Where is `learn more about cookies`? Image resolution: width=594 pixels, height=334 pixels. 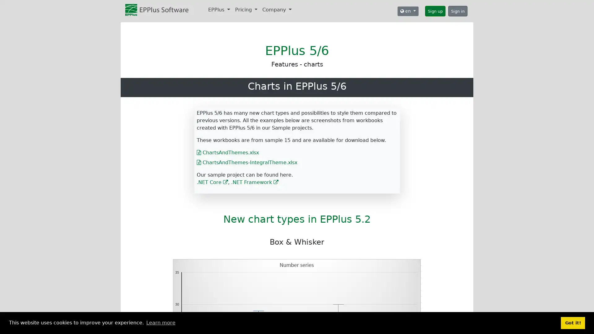 learn more about cookies is located at coordinates (161, 323).